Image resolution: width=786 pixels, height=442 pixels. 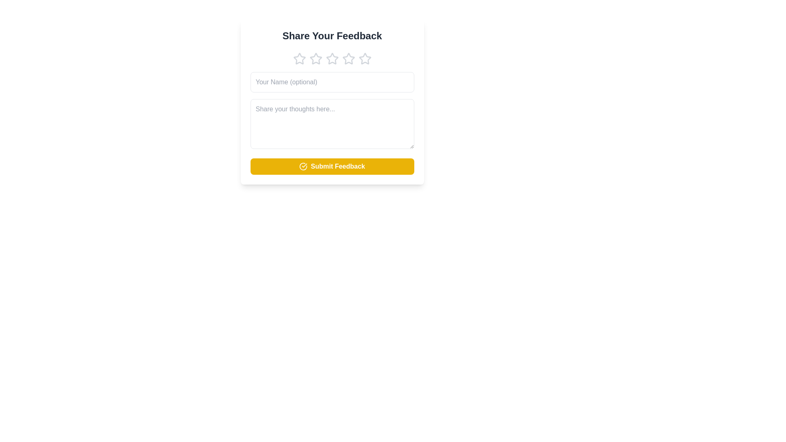 What do you see at coordinates (348, 58) in the screenshot?
I see `the fourth star icon from the left in the row of five rating stars` at bounding box center [348, 58].